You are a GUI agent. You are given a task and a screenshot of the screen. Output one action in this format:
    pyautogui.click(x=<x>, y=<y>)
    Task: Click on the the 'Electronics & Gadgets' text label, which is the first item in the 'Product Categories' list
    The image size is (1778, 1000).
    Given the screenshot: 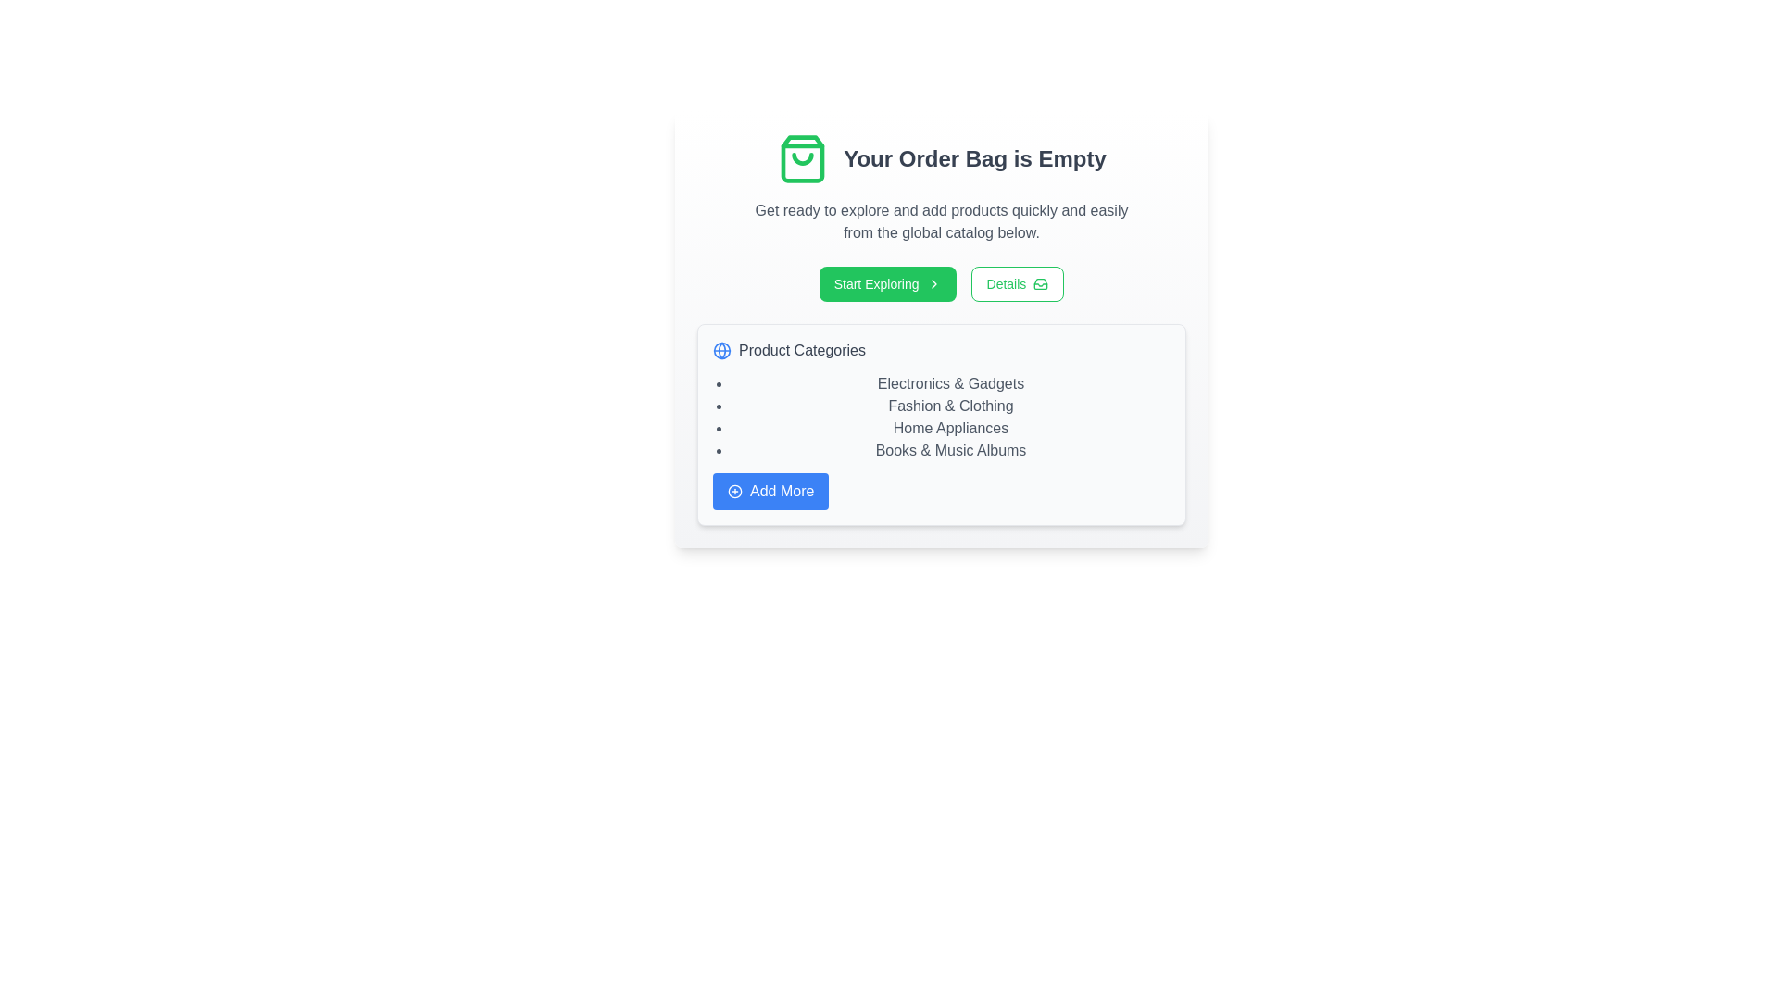 What is the action you would take?
    pyautogui.click(x=951, y=383)
    